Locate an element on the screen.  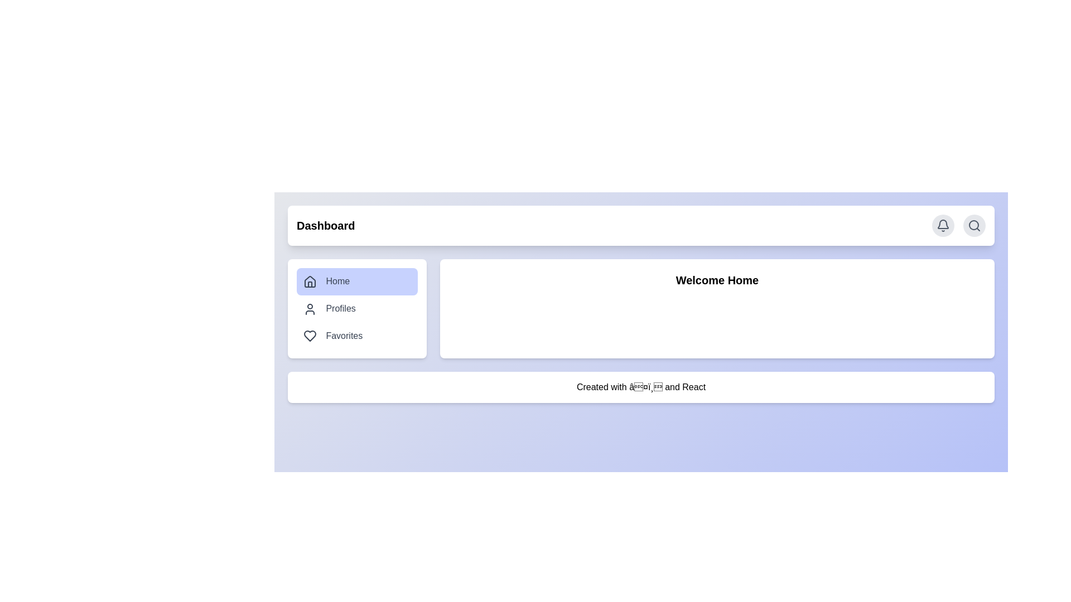
the dark gray bell icon located in the top-right corner of the interface is located at coordinates (942, 226).